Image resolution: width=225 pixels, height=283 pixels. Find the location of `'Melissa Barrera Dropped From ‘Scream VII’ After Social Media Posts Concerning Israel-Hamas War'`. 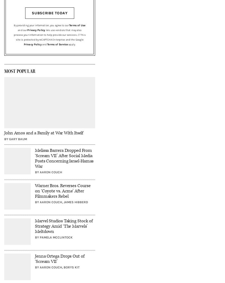

'Melissa Barrera Dropped From ‘Scream VII’ After Social Media Posts Concerning Israel-Hamas War' is located at coordinates (64, 158).